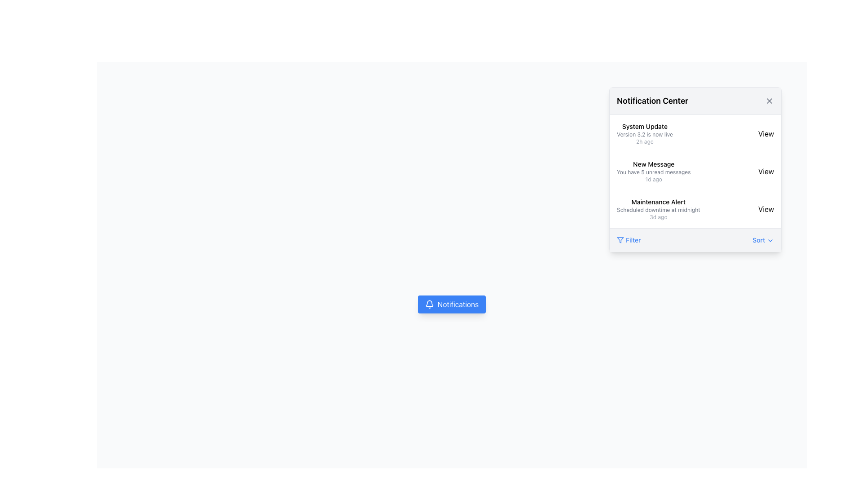 Image resolution: width=862 pixels, height=485 pixels. I want to click on the 'View' button-like text link located in the bottom-right corner of the notification panel, which is styled to change color to blue on hover, so click(765, 209).